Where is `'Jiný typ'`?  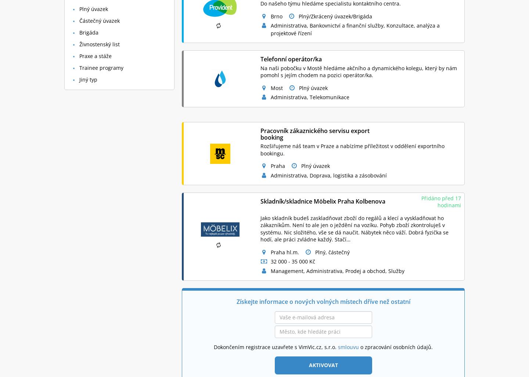 'Jiný typ' is located at coordinates (88, 79).